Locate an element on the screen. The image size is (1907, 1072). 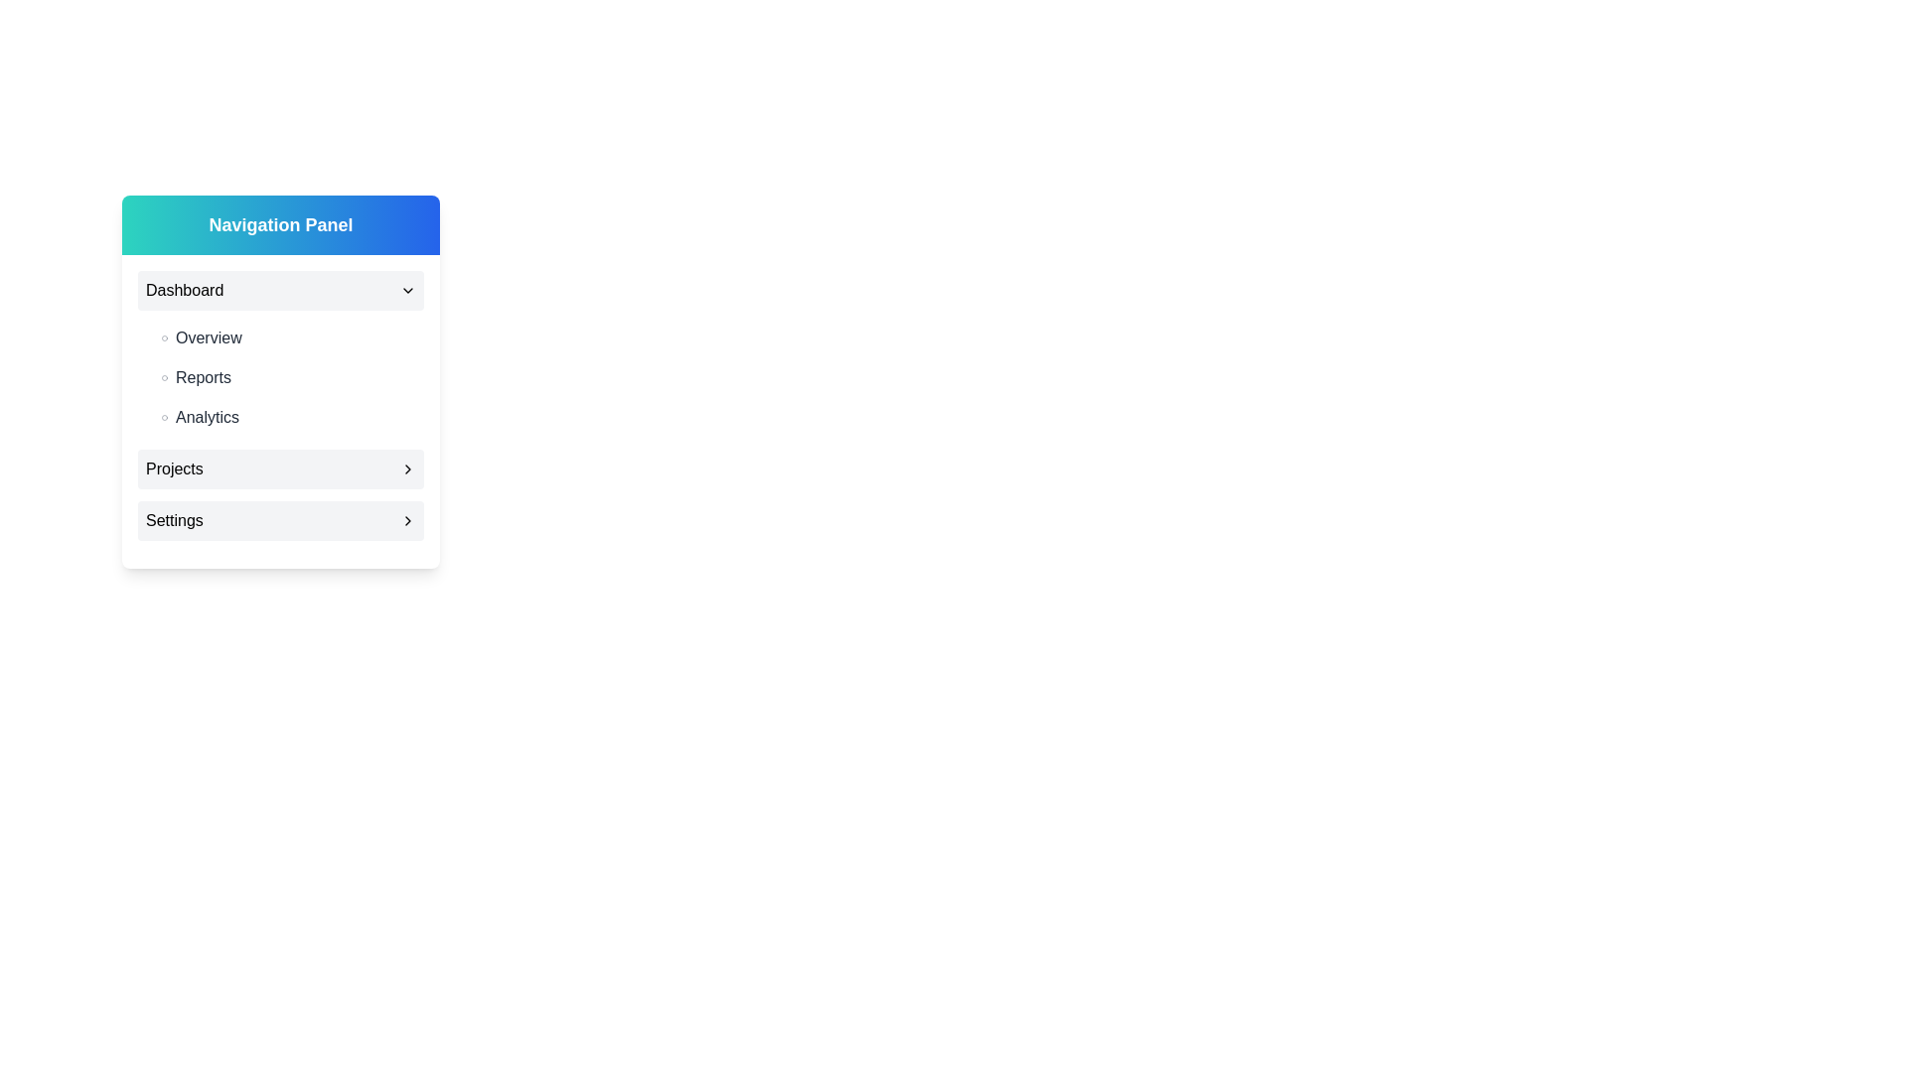
the 'Overview' text label in the navigation menu under the 'Dashboard' section is located at coordinates (209, 336).